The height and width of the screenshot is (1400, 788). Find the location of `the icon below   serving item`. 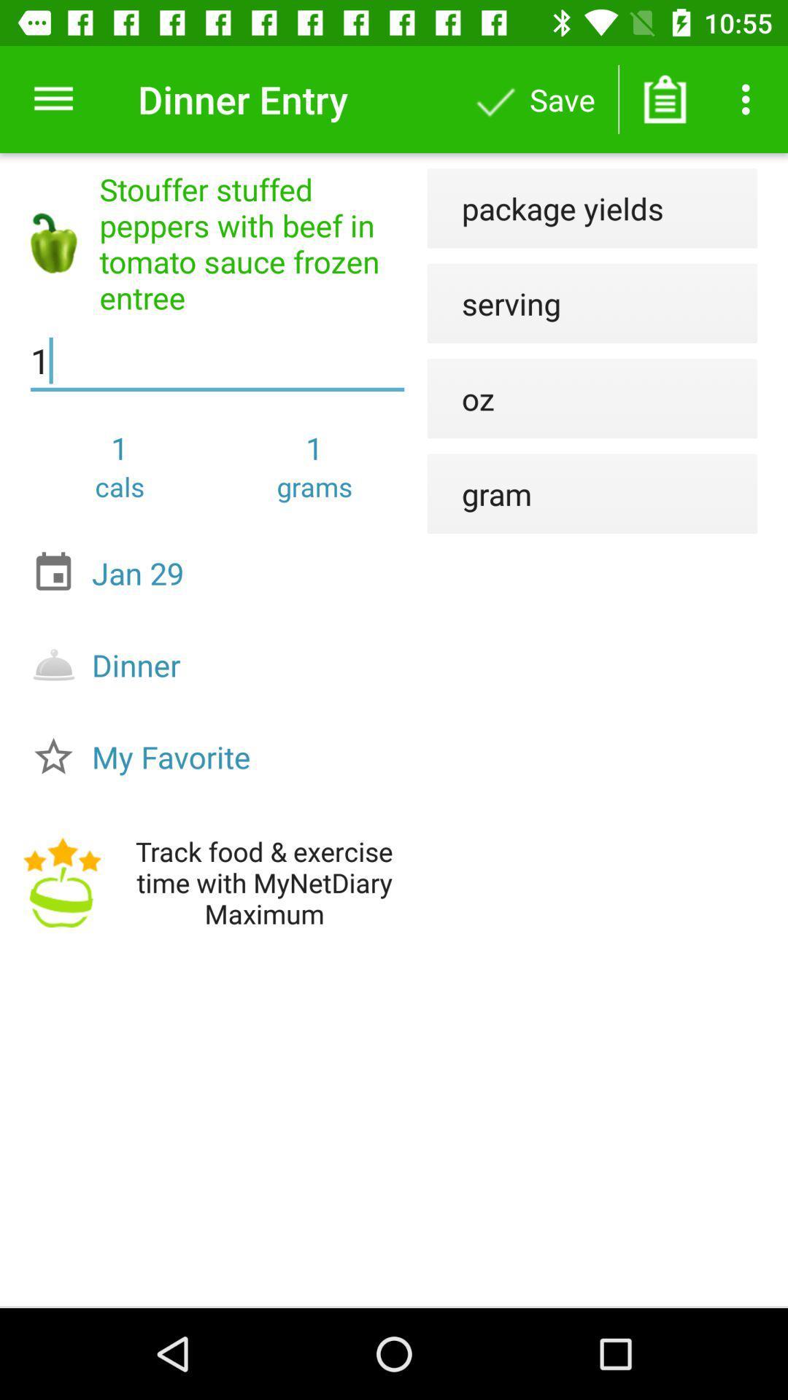

the icon below   serving item is located at coordinates (460, 398).